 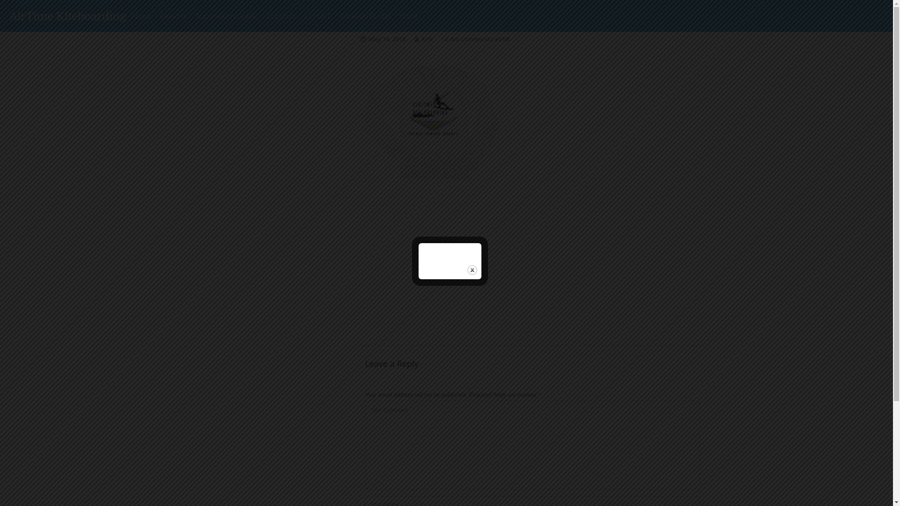 What do you see at coordinates (67, 16) in the screenshot?
I see `'AirTime Kiteboarding'` at bounding box center [67, 16].